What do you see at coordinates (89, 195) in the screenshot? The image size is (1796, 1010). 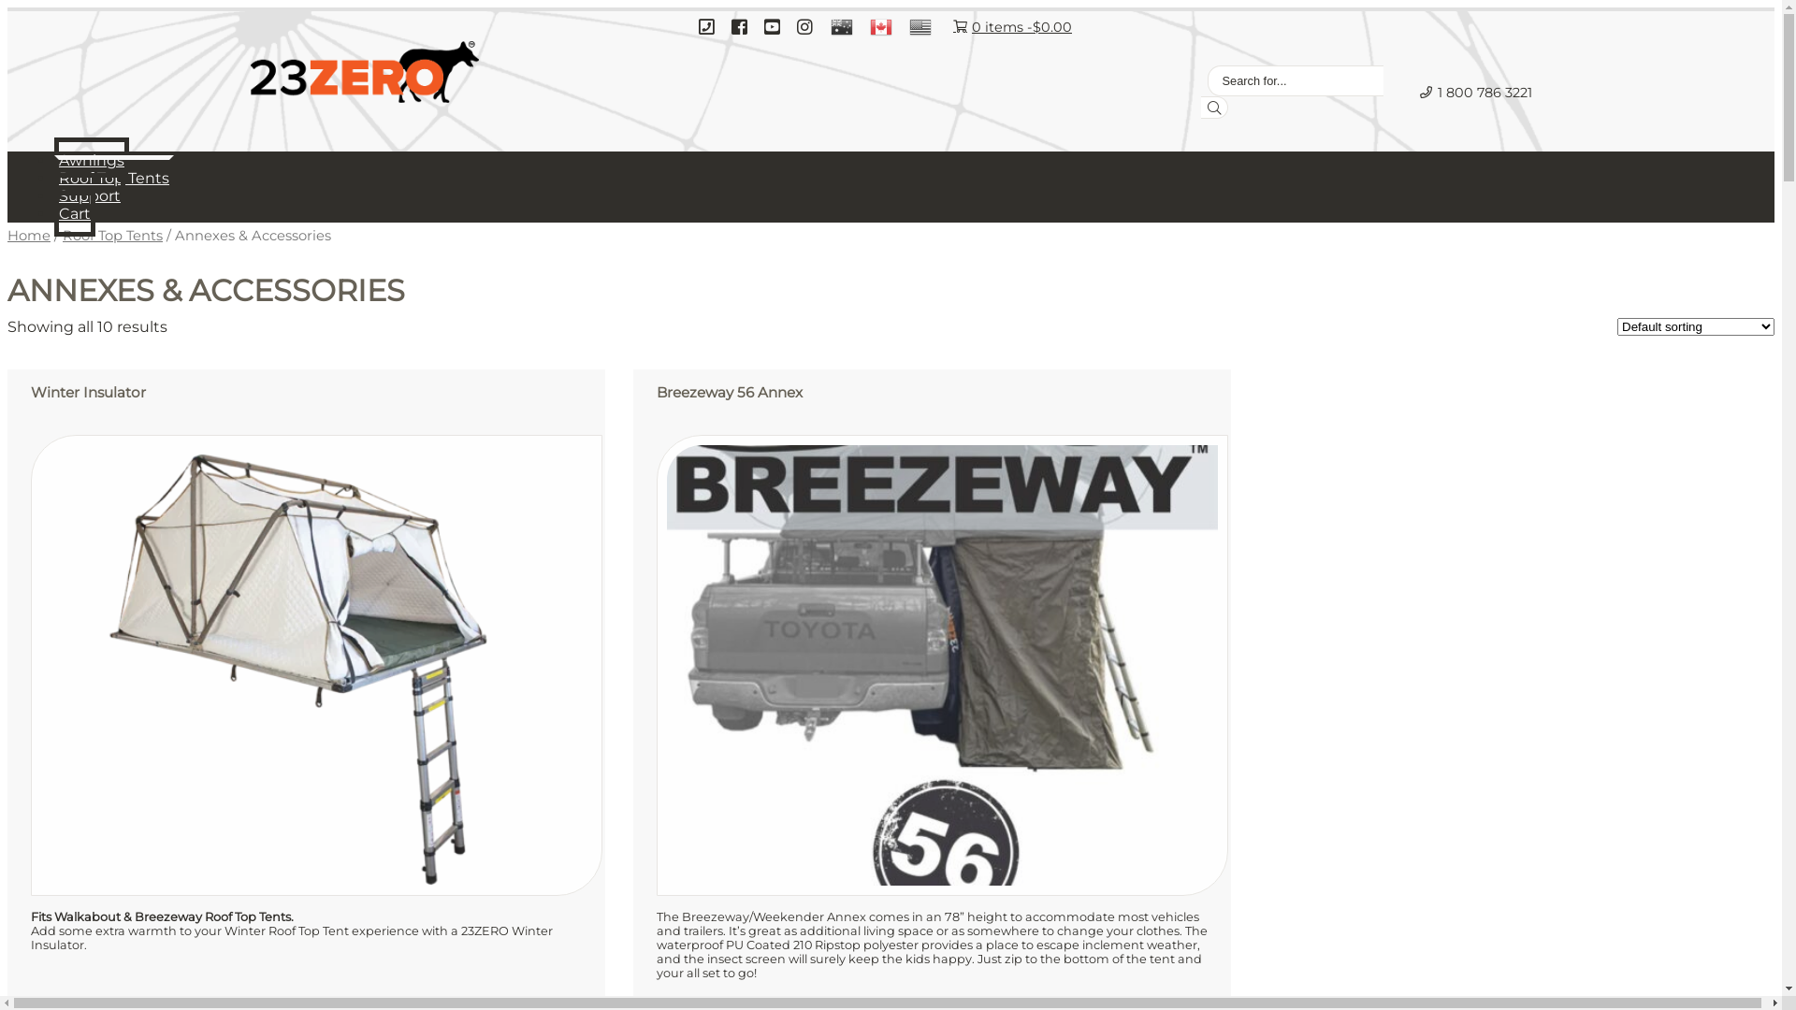 I see `'Support'` at bounding box center [89, 195].